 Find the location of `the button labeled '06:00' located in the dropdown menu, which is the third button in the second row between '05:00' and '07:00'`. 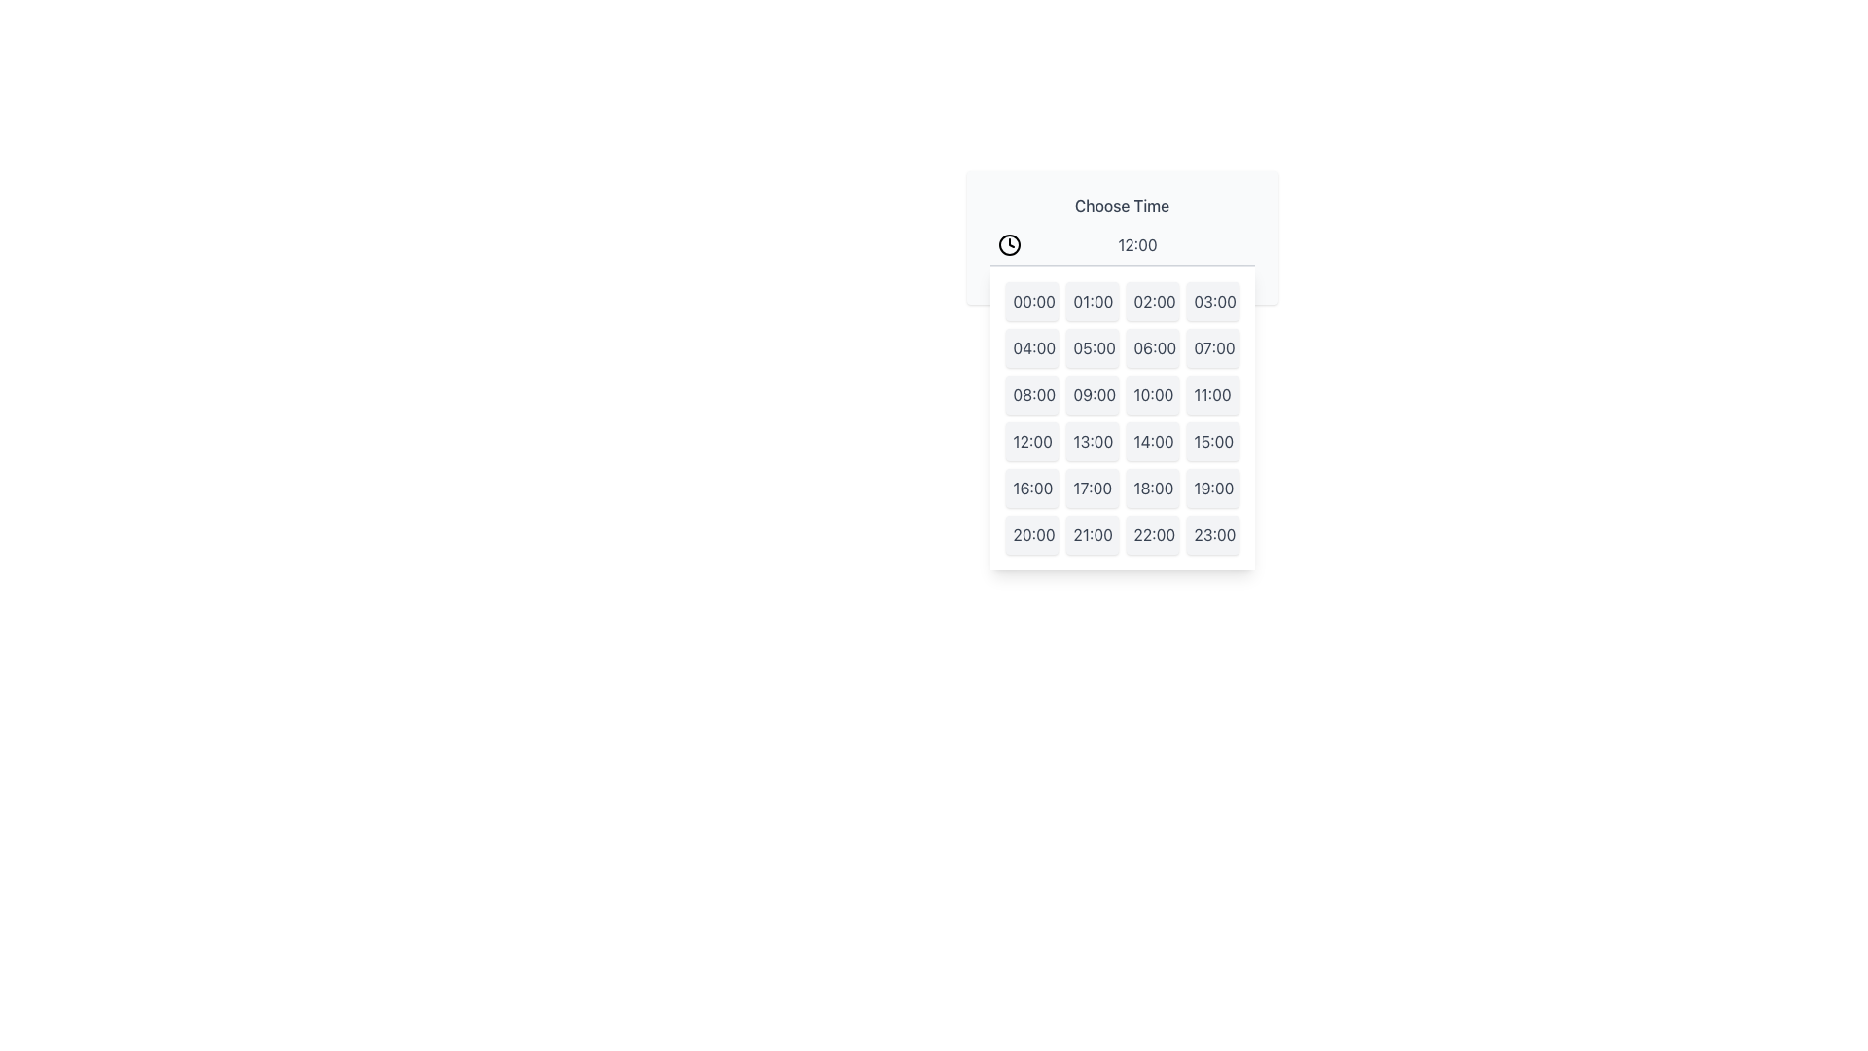

the button labeled '06:00' located in the dropdown menu, which is the third button in the second row between '05:00' and '07:00' is located at coordinates (1152, 347).